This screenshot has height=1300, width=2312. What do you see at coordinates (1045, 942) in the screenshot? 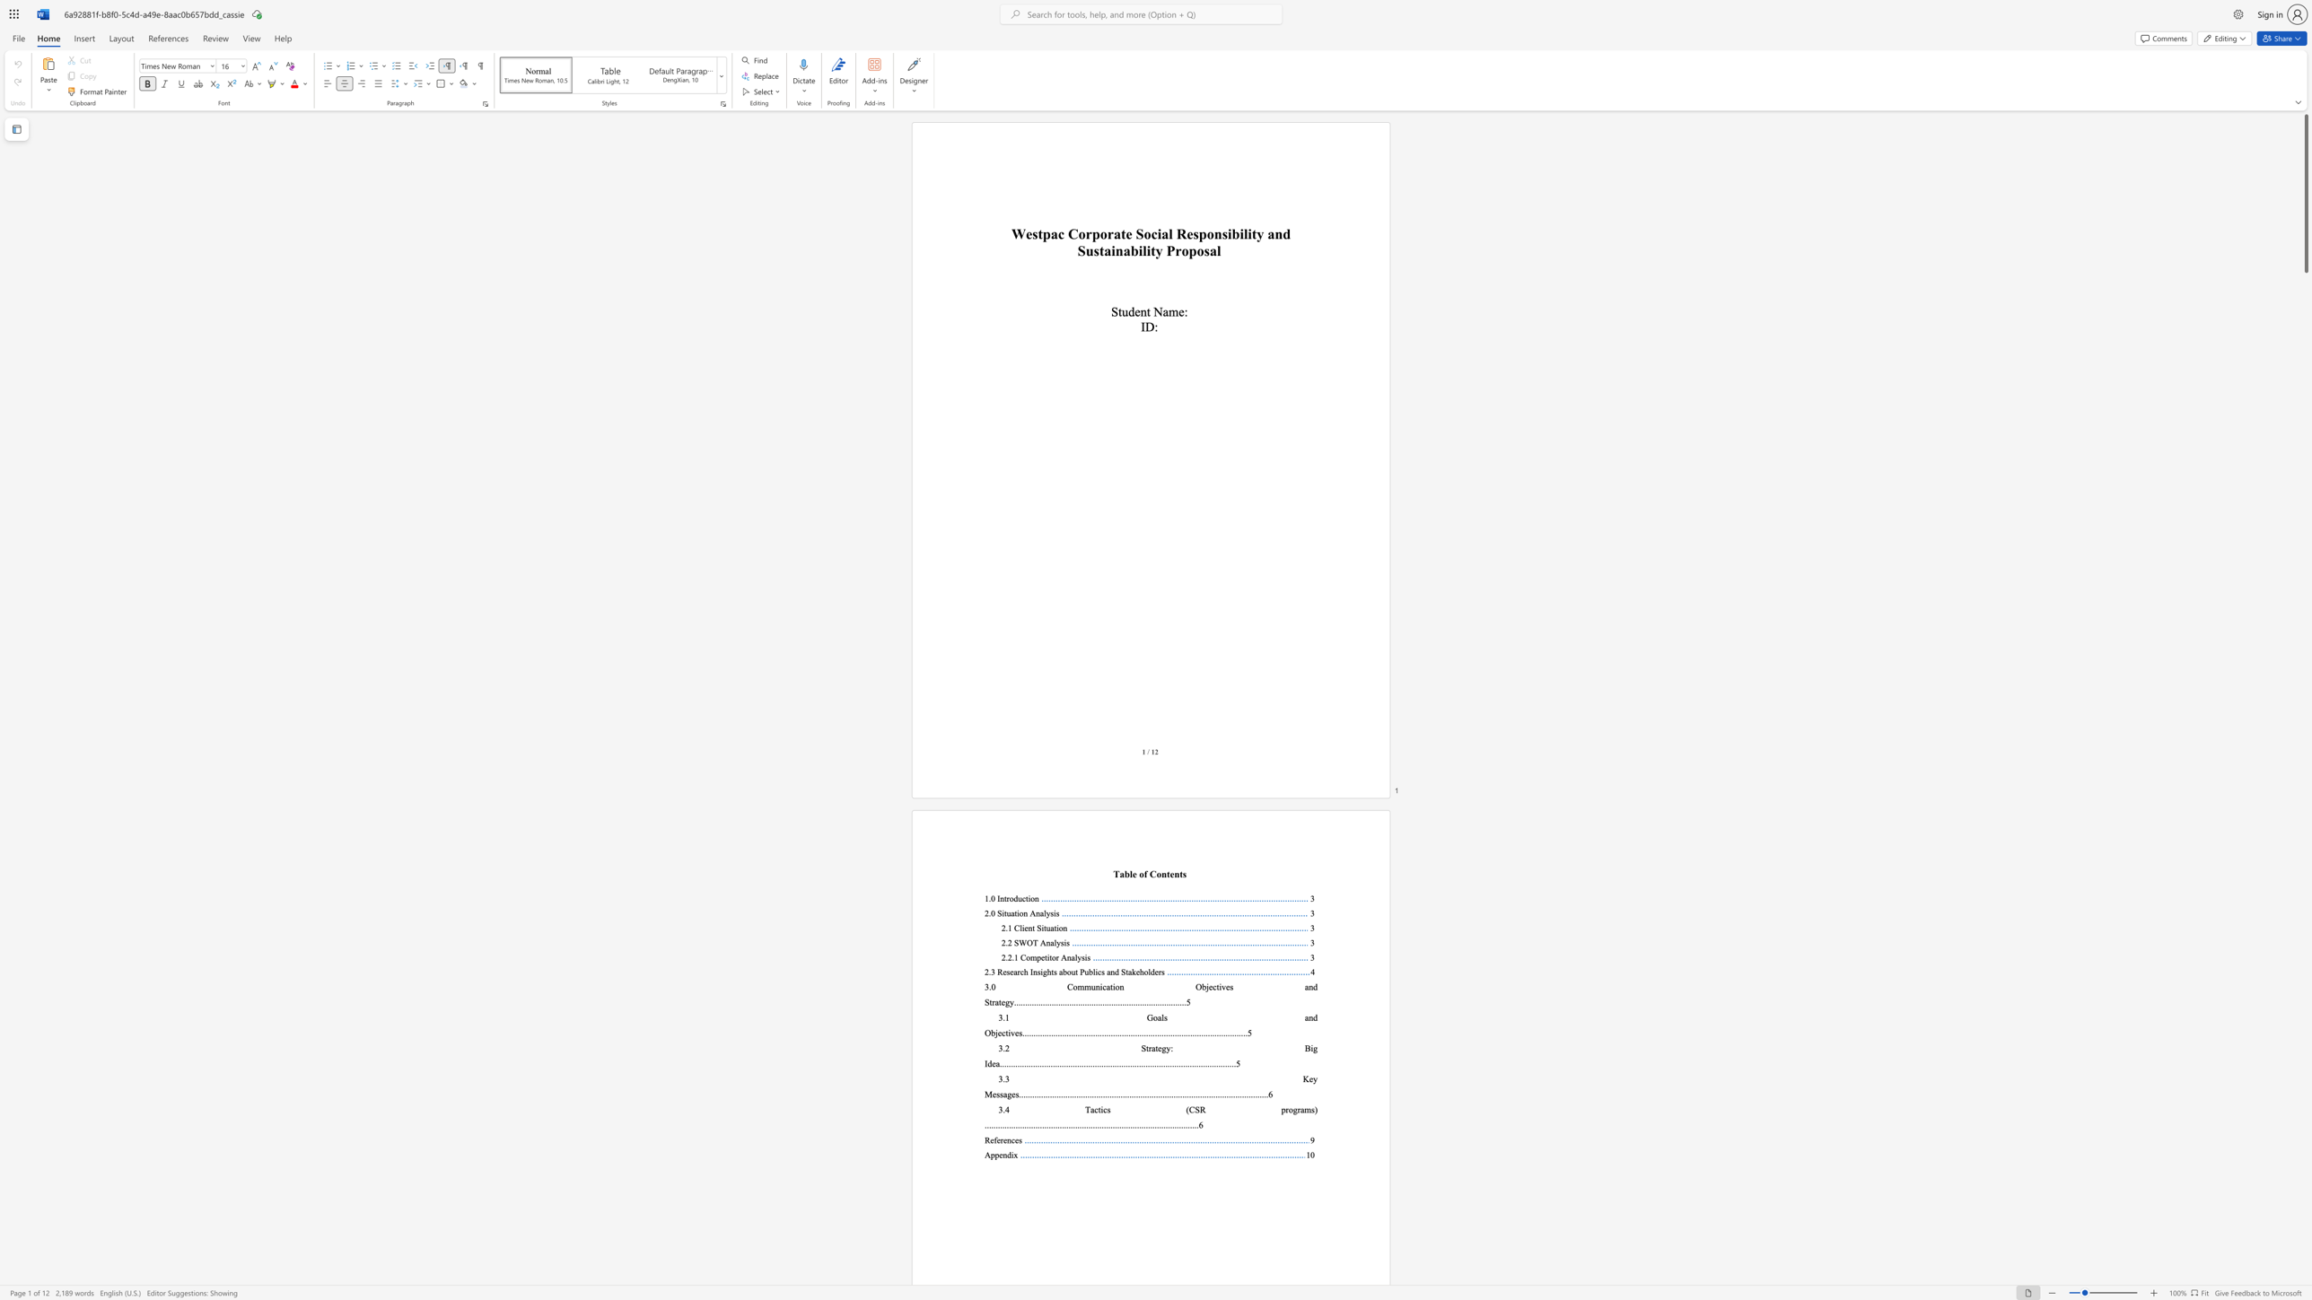
I see `the subset text "nalysis" within the text "2.2 SWOT Analysis"` at bounding box center [1045, 942].